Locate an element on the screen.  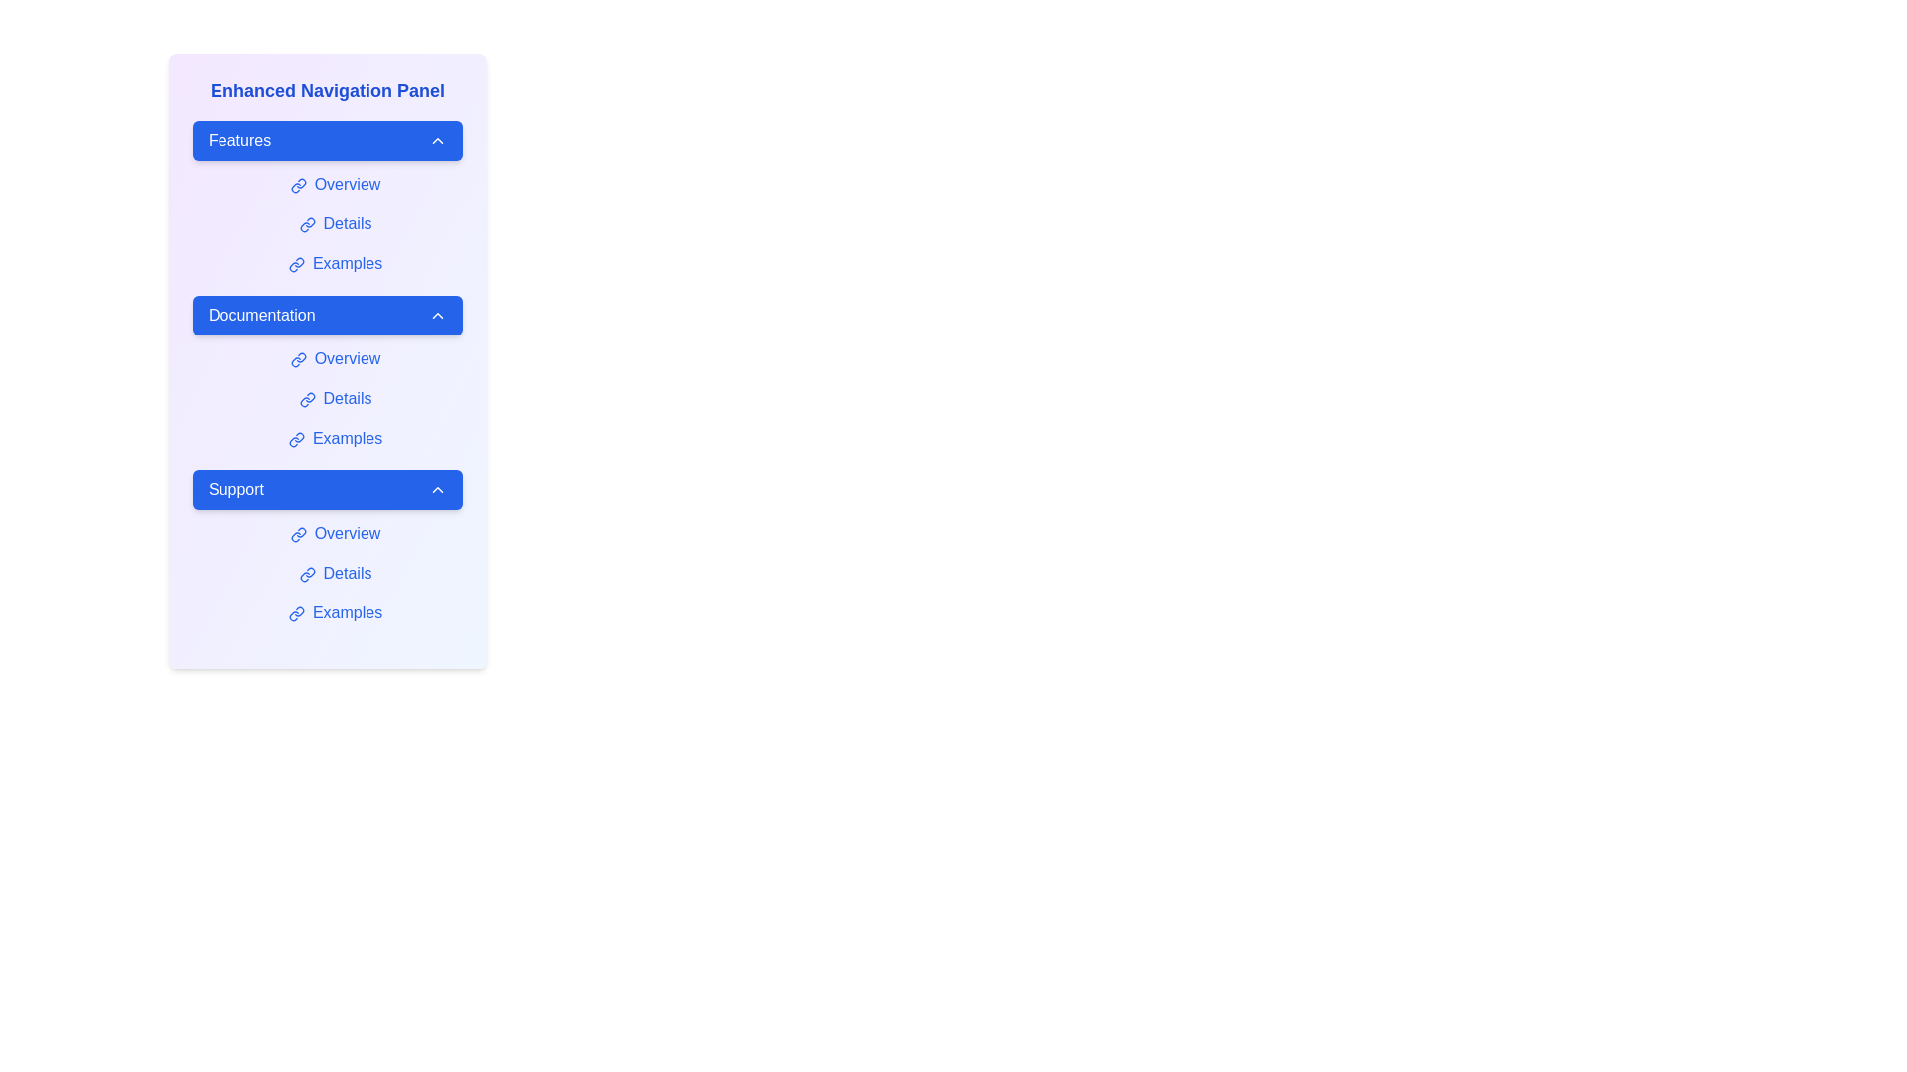
the 'Overview' hyperlink in the Documentation section is located at coordinates (335, 359).